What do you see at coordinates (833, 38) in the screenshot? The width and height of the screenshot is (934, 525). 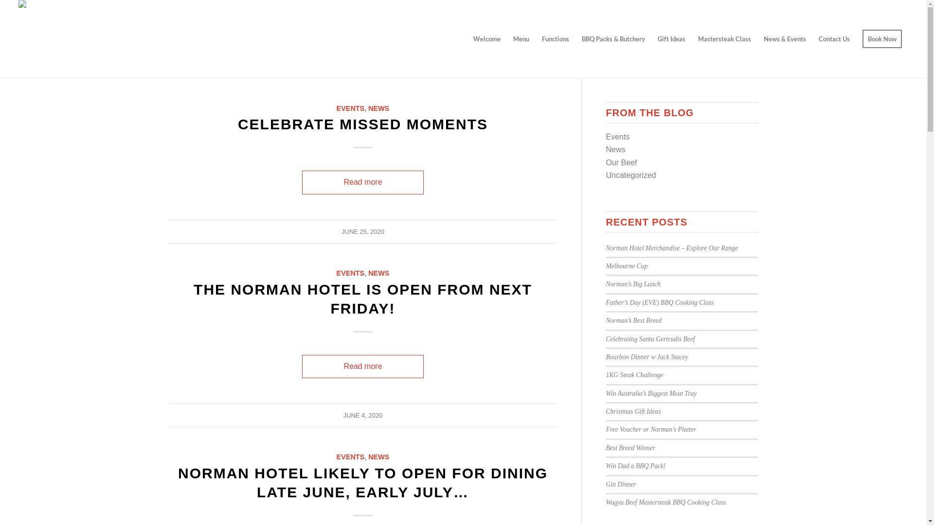 I see `'Contact Us'` at bounding box center [833, 38].